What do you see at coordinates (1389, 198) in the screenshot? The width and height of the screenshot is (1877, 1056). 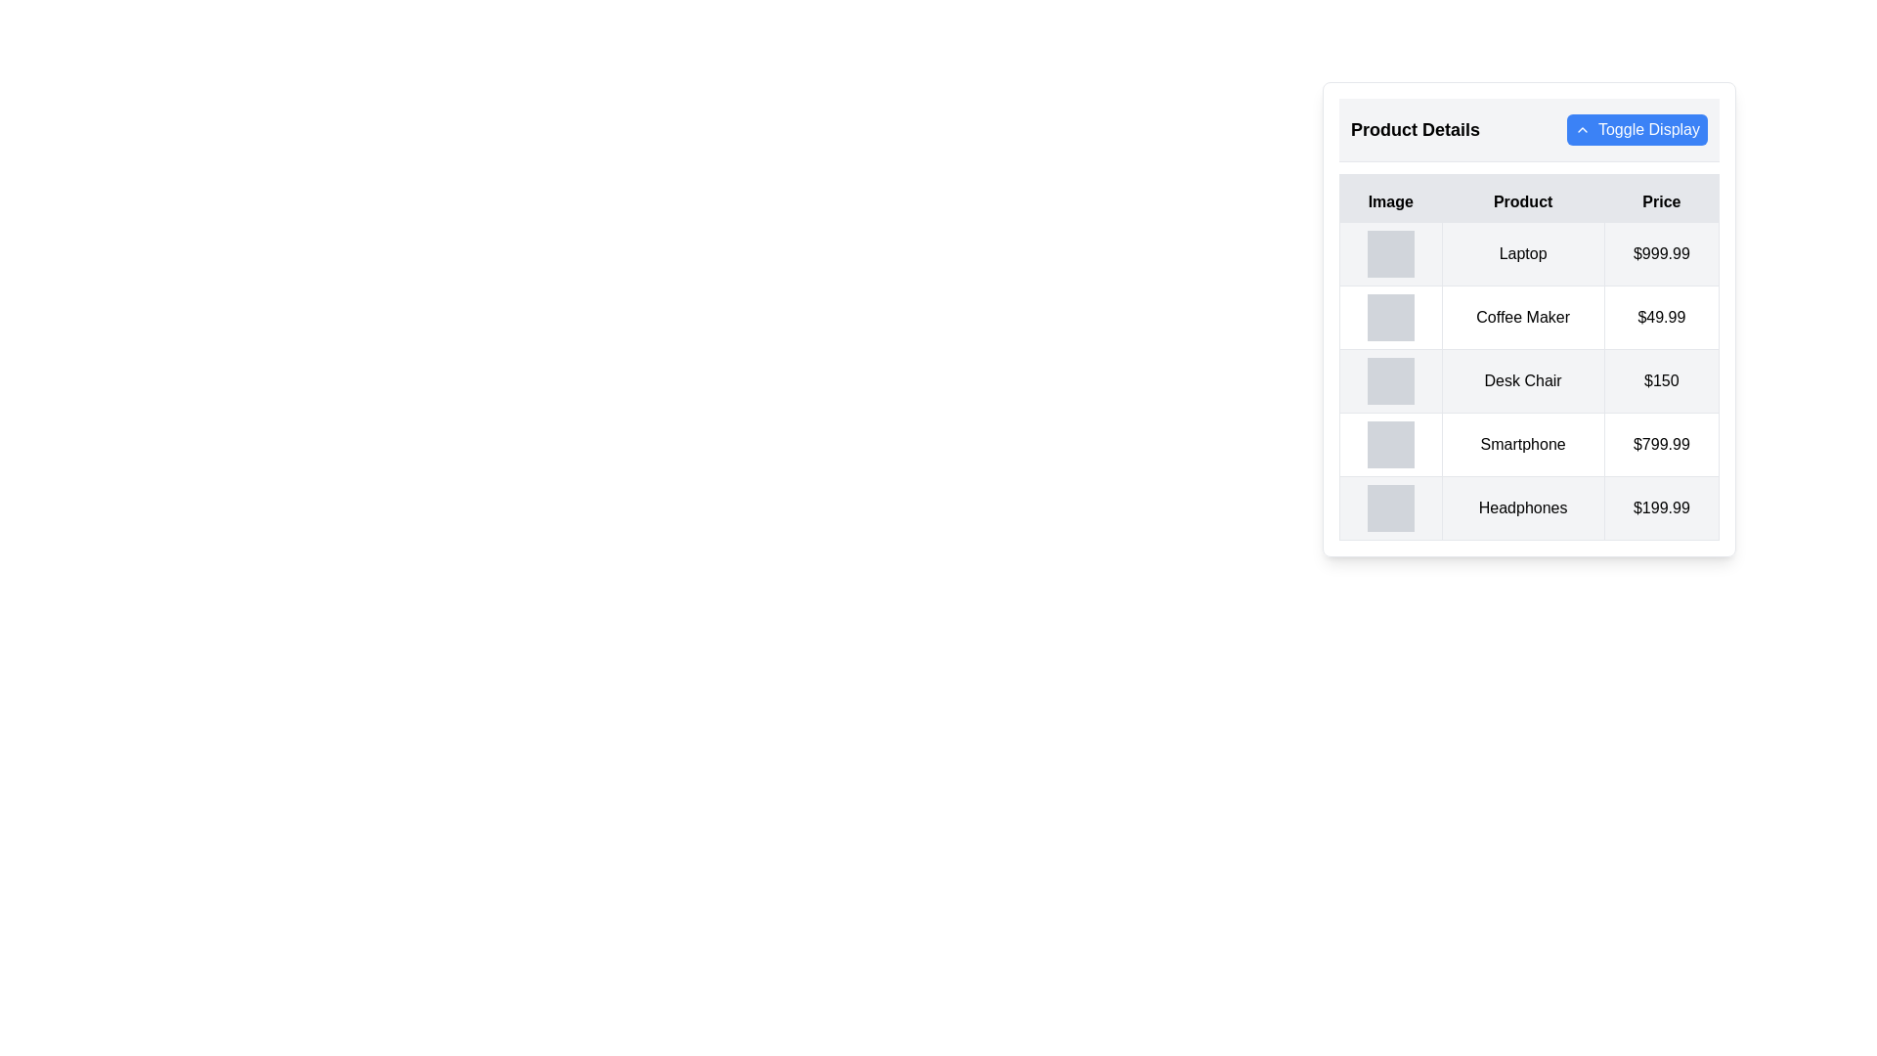 I see `the Text Label element located in the top-left corner of the table header row` at bounding box center [1389, 198].